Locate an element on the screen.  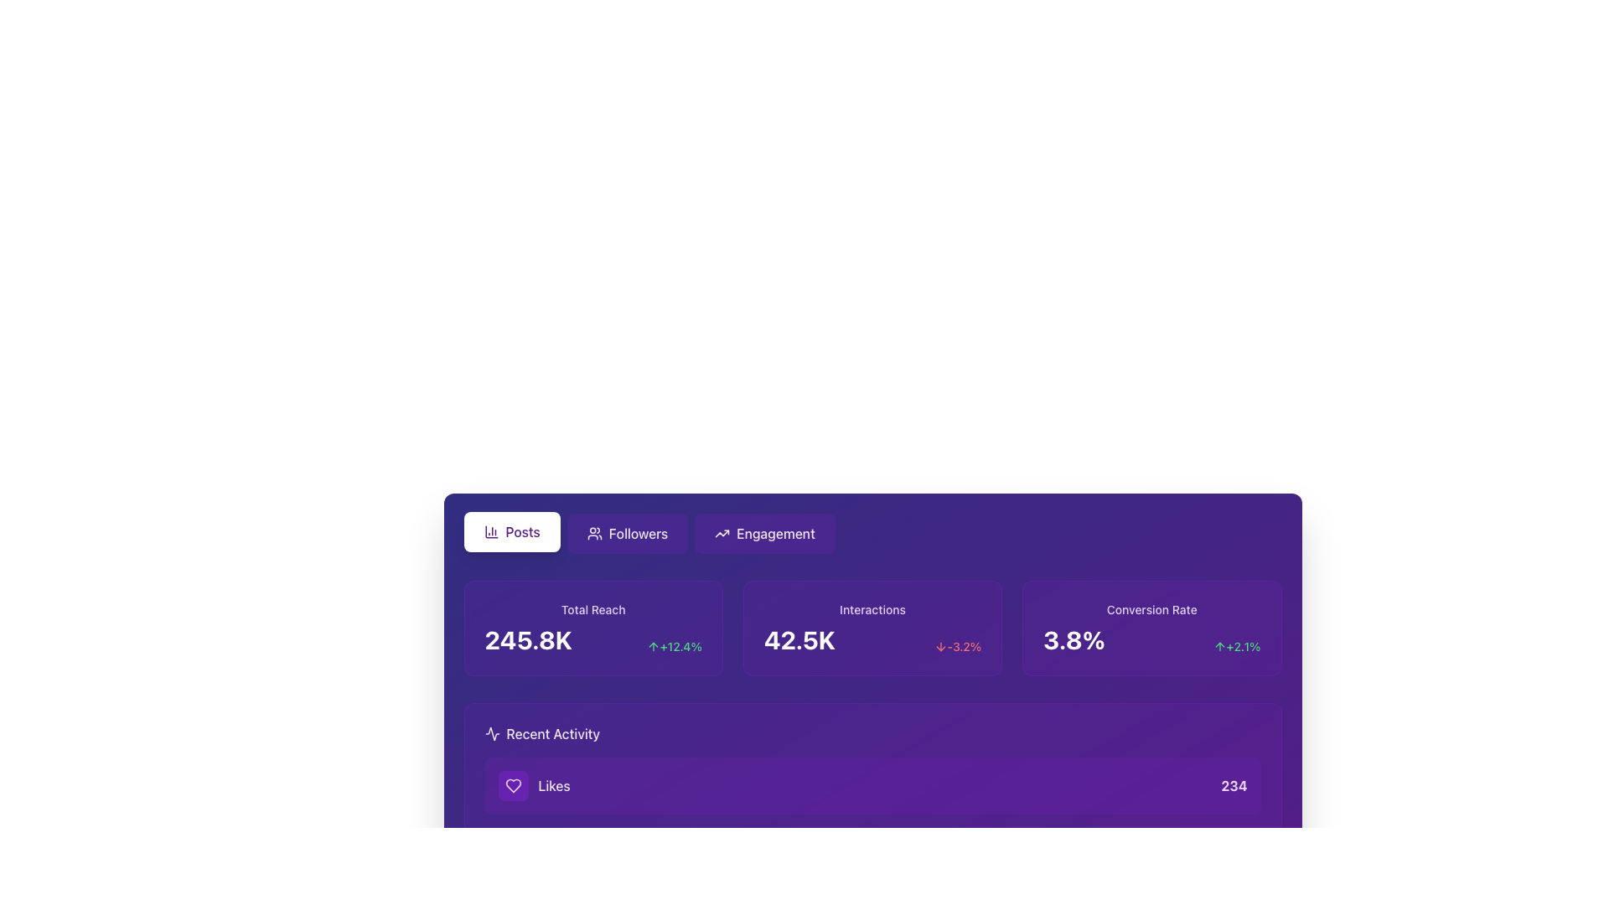
the metrics displayed on the leftmost Metric display card, which has a purple background, shows 'Total Reach' at the top, and a value of '245.8K' centered below it is located at coordinates (593, 628).